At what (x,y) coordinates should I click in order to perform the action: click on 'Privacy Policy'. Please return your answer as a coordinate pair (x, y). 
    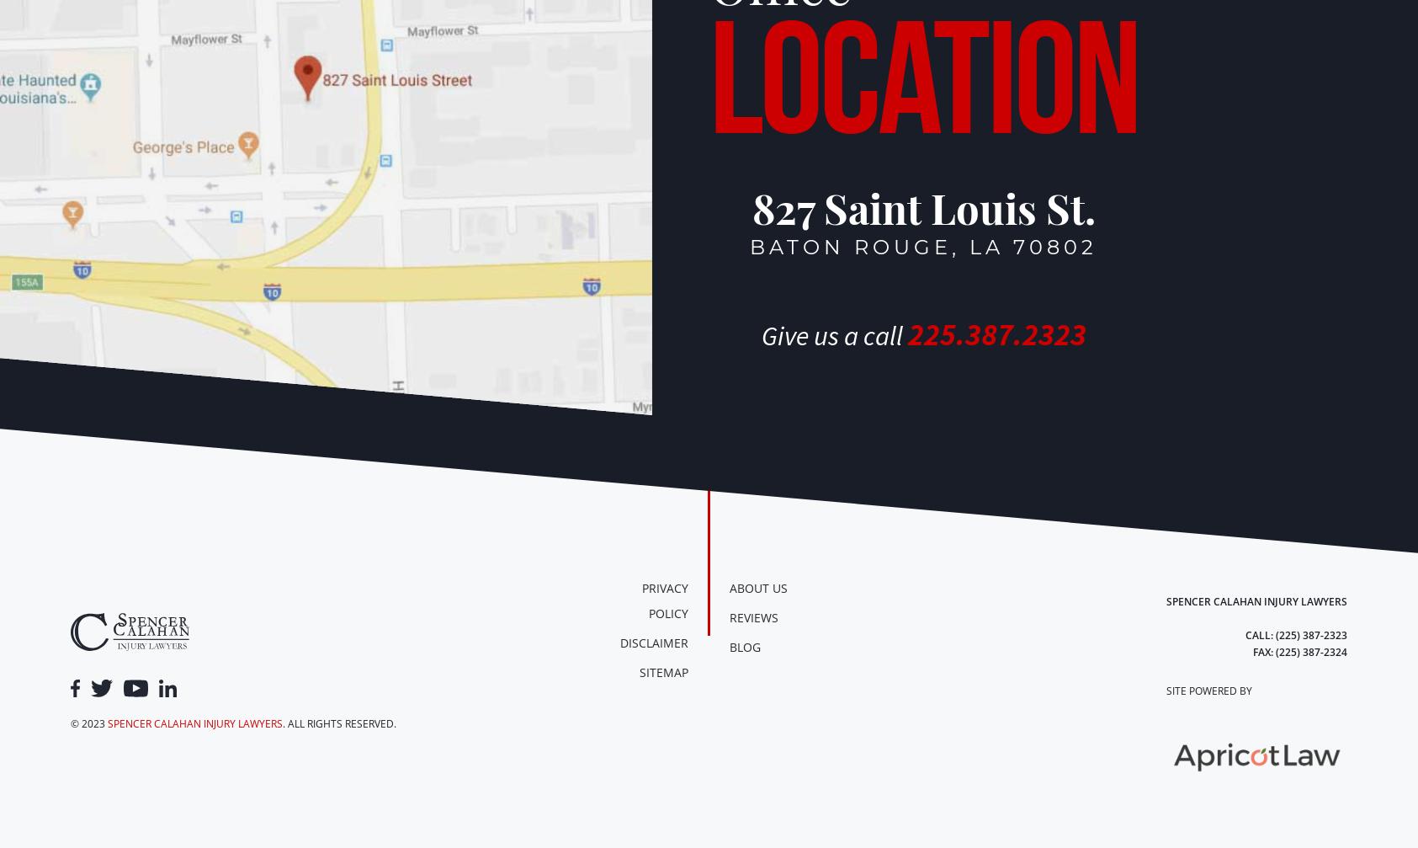
    Looking at the image, I should click on (664, 600).